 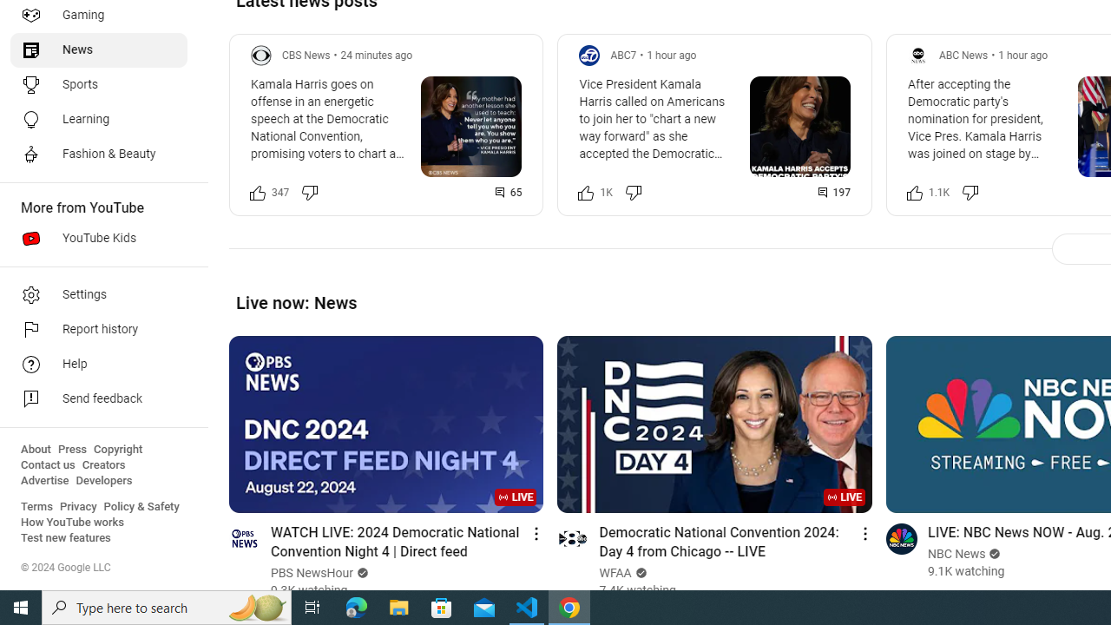 What do you see at coordinates (102, 464) in the screenshot?
I see `'Creators'` at bounding box center [102, 464].